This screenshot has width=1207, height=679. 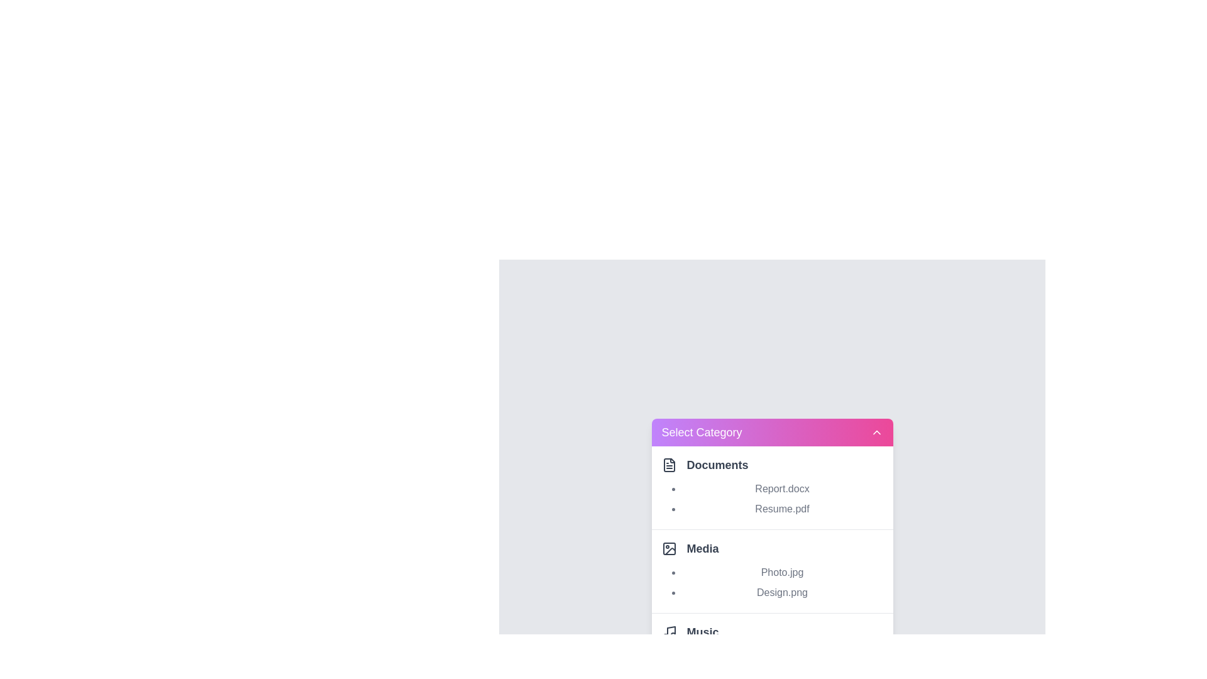 I want to click on the text label displaying 'Design.png', which is the second item in the list under the 'Media' category, so click(x=781, y=592).